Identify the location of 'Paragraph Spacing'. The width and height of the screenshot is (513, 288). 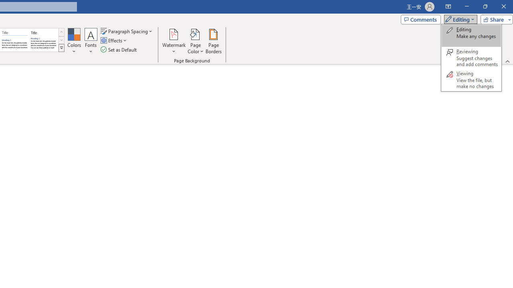
(127, 31).